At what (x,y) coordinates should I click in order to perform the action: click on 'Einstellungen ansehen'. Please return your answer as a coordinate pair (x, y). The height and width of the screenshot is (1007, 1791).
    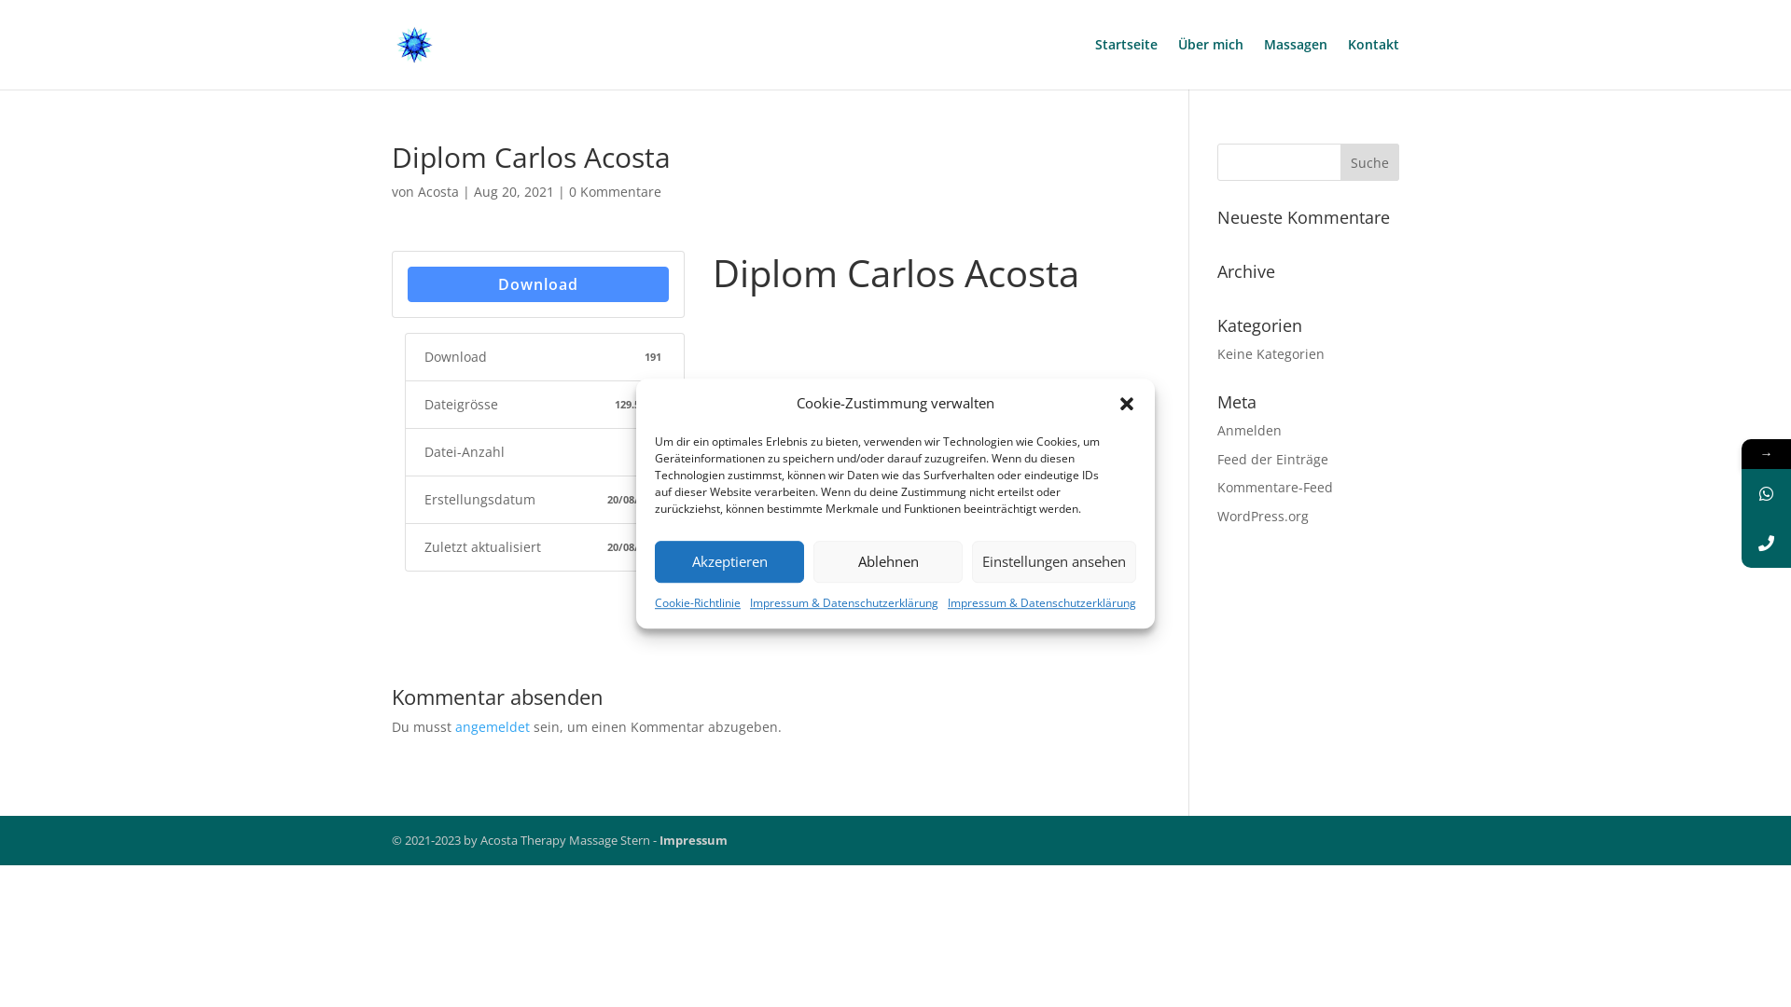
    Looking at the image, I should click on (1053, 560).